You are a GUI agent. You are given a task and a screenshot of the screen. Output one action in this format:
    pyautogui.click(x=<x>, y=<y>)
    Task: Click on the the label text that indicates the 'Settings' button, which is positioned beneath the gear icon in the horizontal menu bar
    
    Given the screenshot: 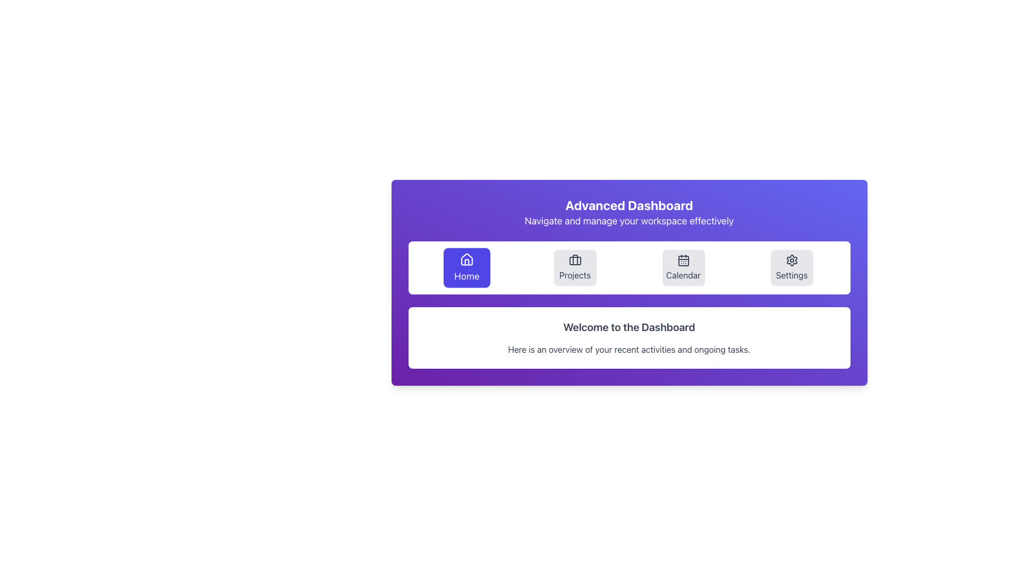 What is the action you would take?
    pyautogui.click(x=792, y=275)
    